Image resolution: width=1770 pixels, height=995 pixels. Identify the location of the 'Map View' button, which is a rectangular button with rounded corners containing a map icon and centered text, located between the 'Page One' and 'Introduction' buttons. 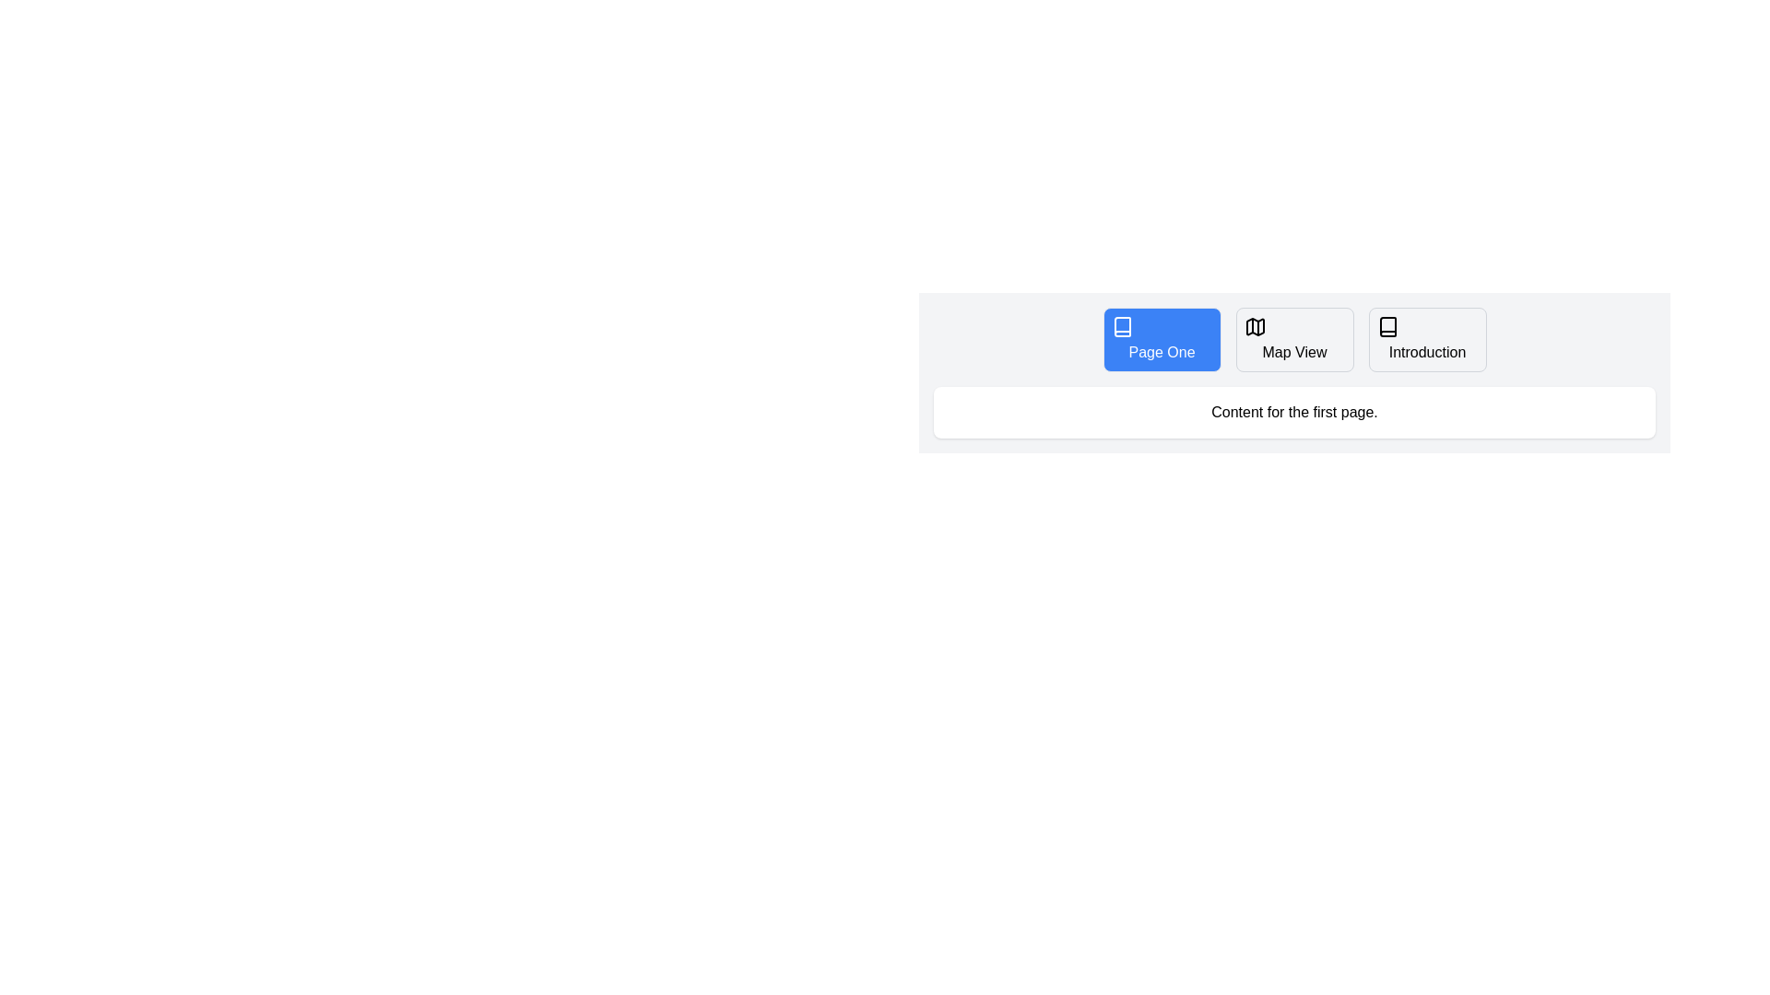
(1293, 340).